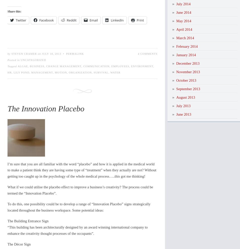 This screenshot has width=240, height=249. I want to click on 'communication', so click(83, 66).